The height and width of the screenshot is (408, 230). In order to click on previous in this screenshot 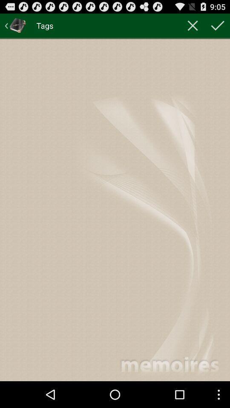, I will do `click(15, 25)`.